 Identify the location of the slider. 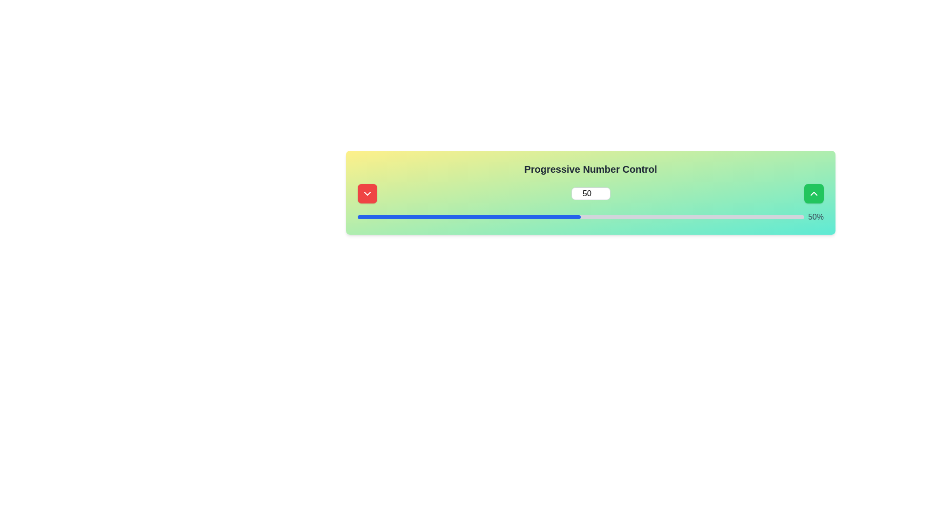
(415, 216).